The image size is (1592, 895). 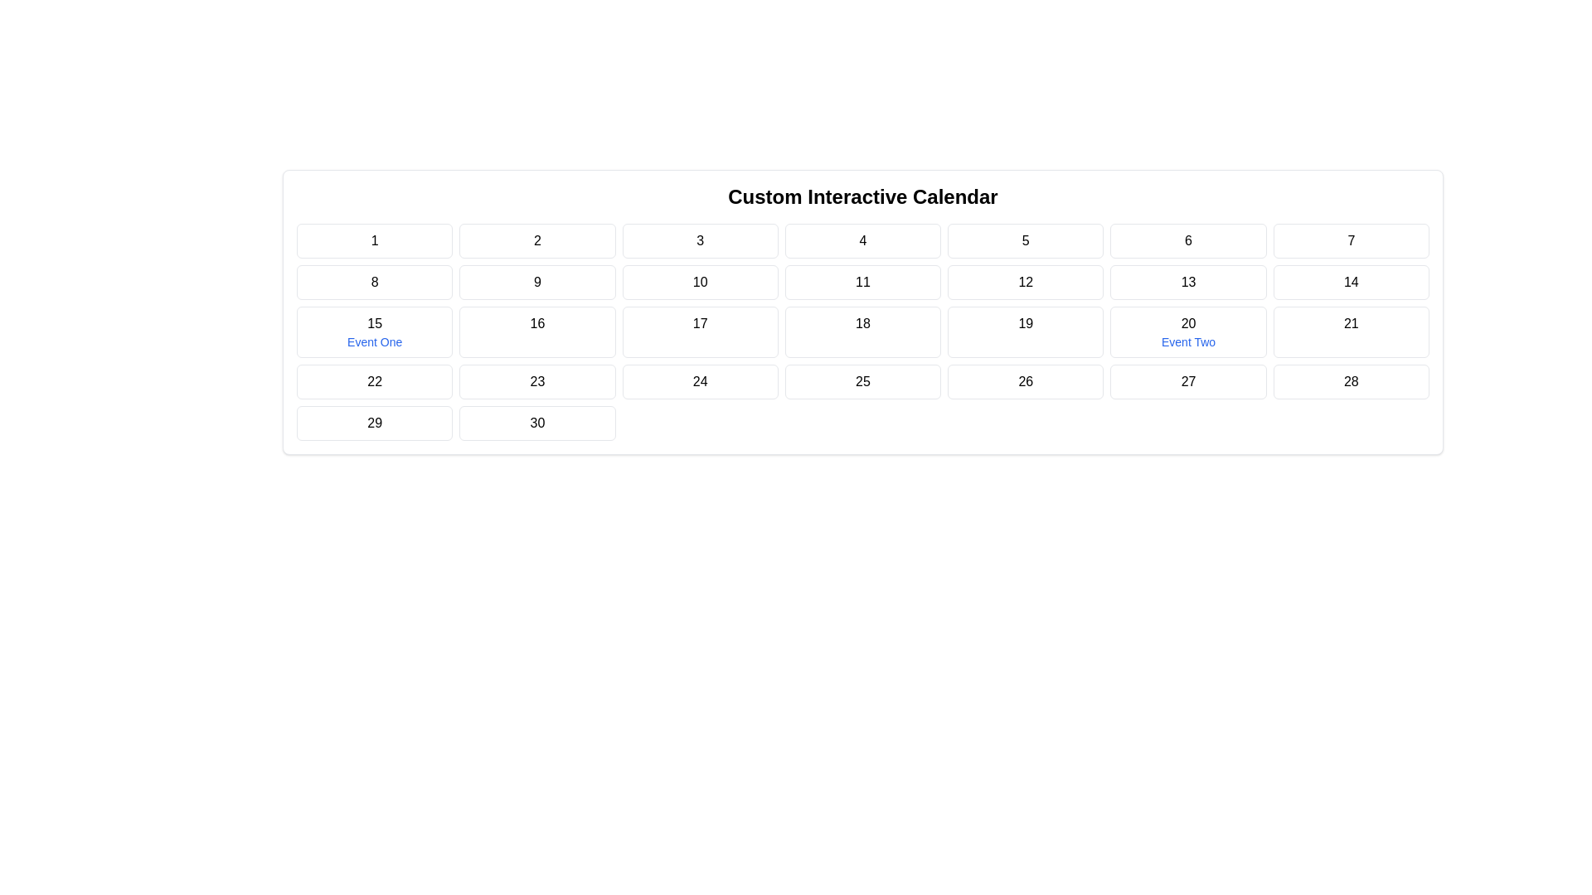 What do you see at coordinates (537, 240) in the screenshot?
I see `the Text display box representing the number '2' in the calendar interface, located in the second column, adjacent to '1' and '3'` at bounding box center [537, 240].